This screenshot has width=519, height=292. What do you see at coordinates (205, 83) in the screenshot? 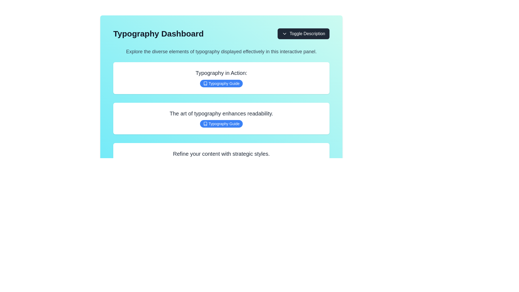
I see `the button labeled 'Typography Guide' which contains a minimalistic book icon` at bounding box center [205, 83].